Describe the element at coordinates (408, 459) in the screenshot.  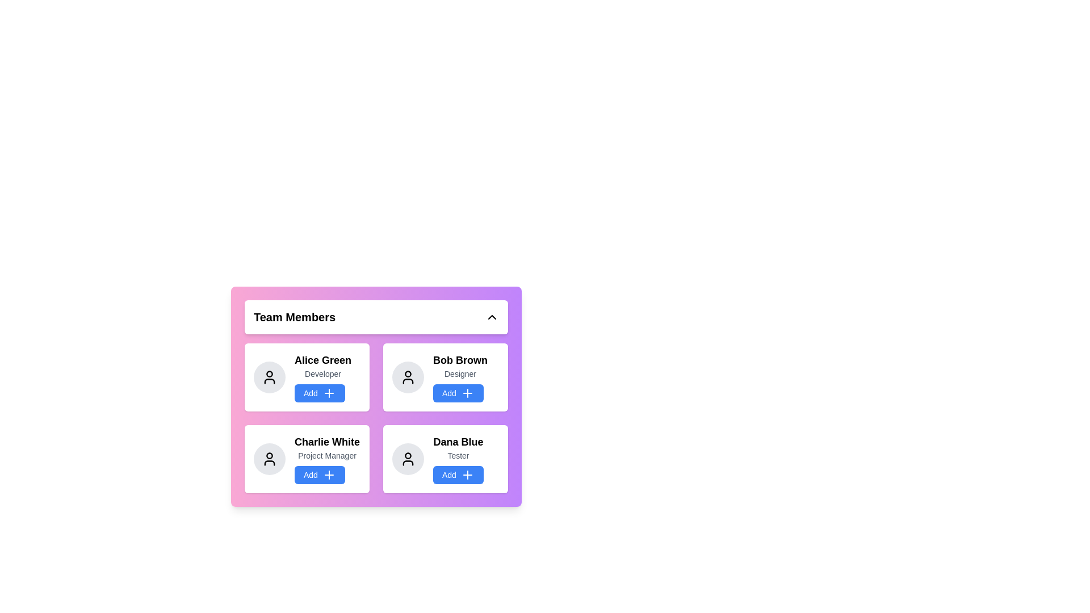
I see `the appearance of the user profile icon located in the bottom-right corner of the fourth card titled 'Dana Blue - Tester', which is above the blue button labeled 'Add'` at that location.